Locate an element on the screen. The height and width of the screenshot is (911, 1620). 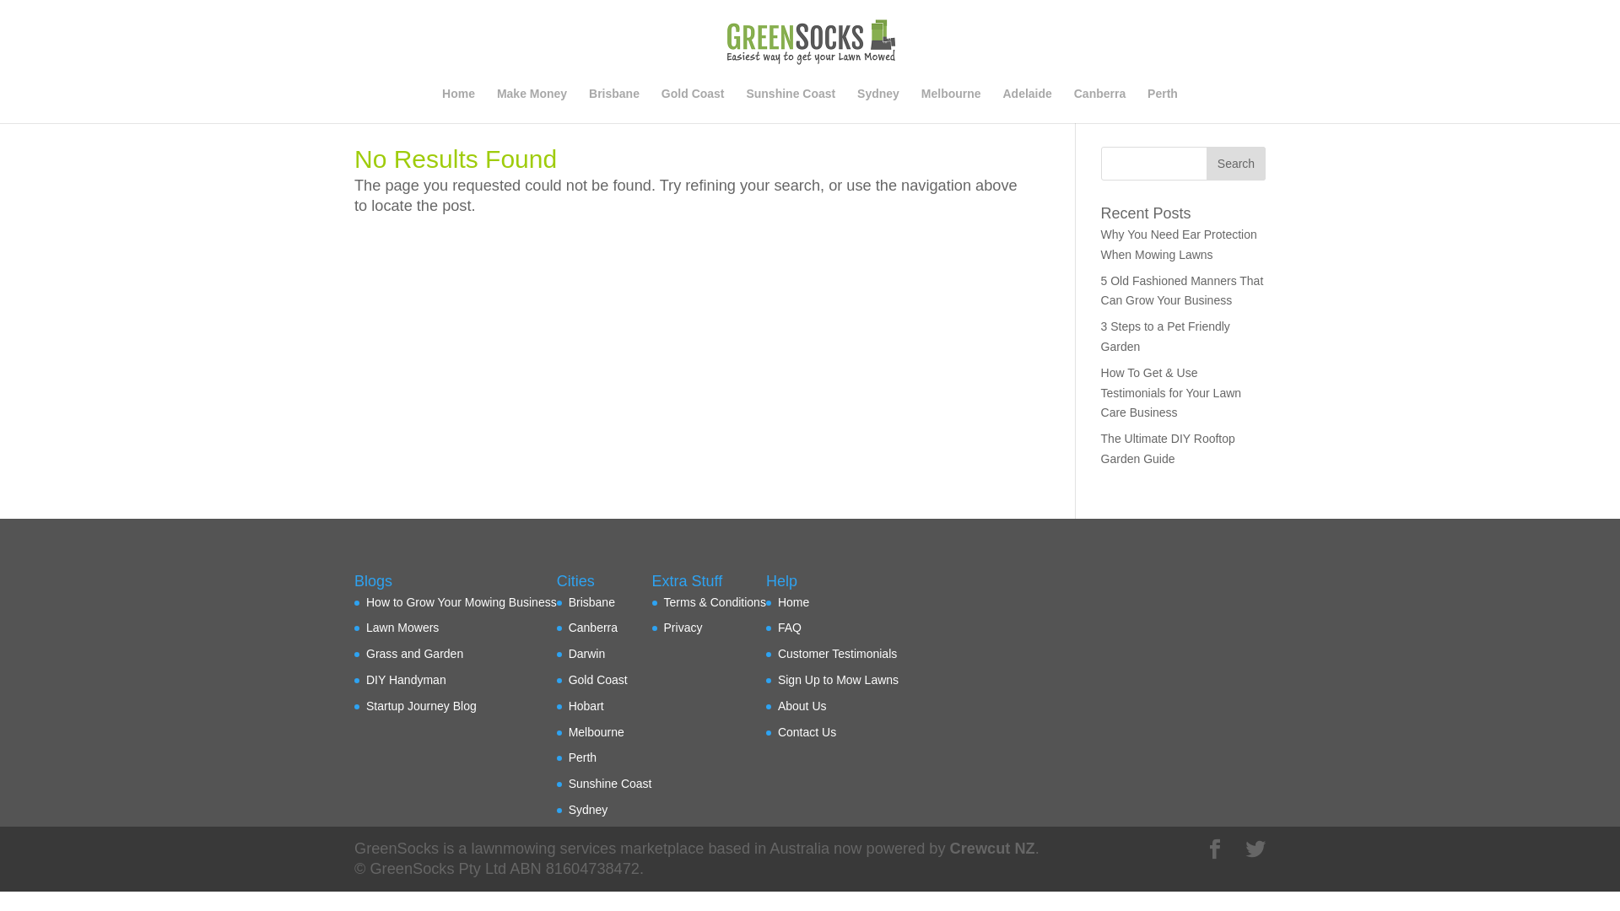
'Make Money' is located at coordinates (496, 105).